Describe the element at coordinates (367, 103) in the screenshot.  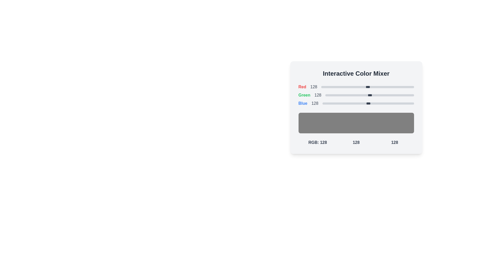
I see `the Blue component` at that location.